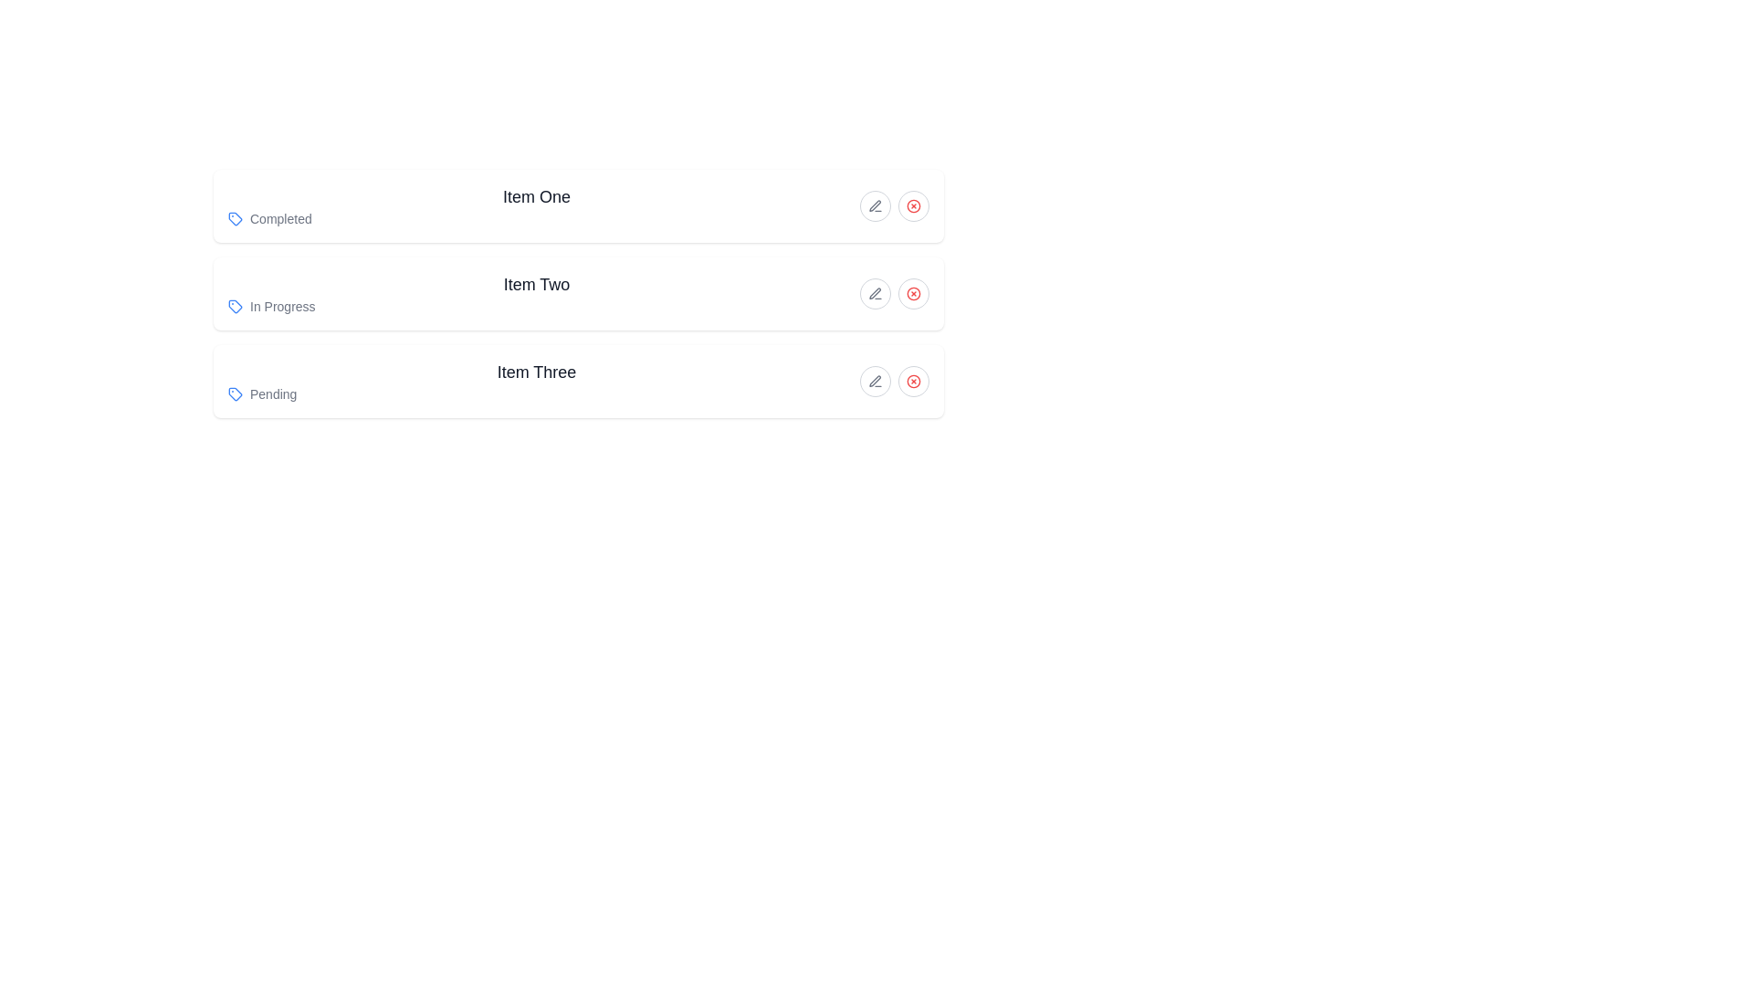 The image size is (1753, 986). What do you see at coordinates (894, 380) in the screenshot?
I see `the pen icon located on the far-right side of the row labeled 'Item Three' to initiate editing` at bounding box center [894, 380].